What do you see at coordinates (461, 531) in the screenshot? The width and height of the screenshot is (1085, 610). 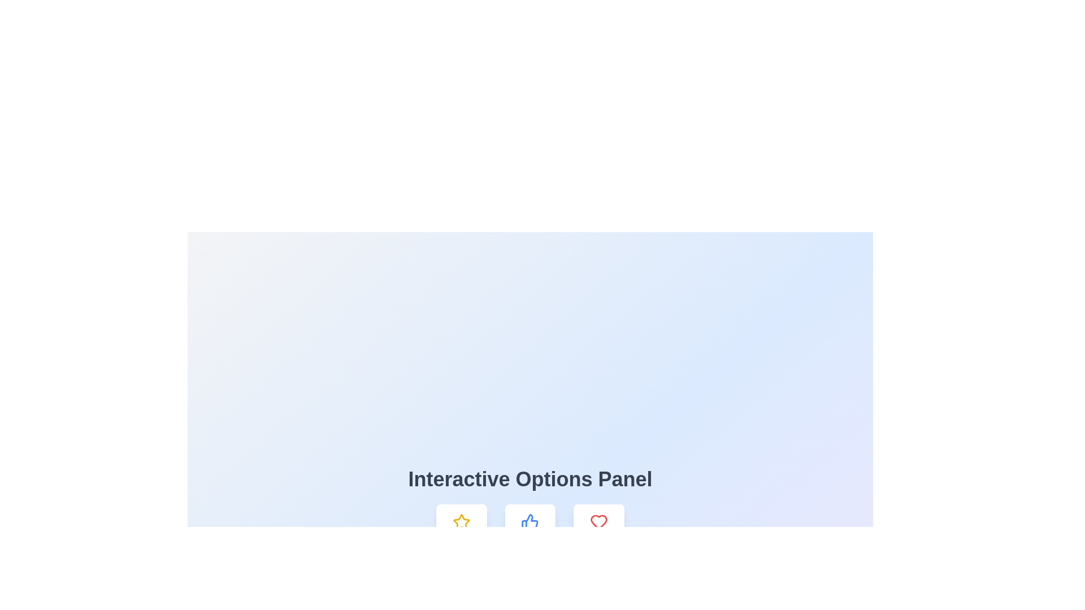 I see `the leftmost Static Display Card labeled 'Favorite', which has a white rounded rectangular shape with a yellow star icon at the top and gray text below` at bounding box center [461, 531].